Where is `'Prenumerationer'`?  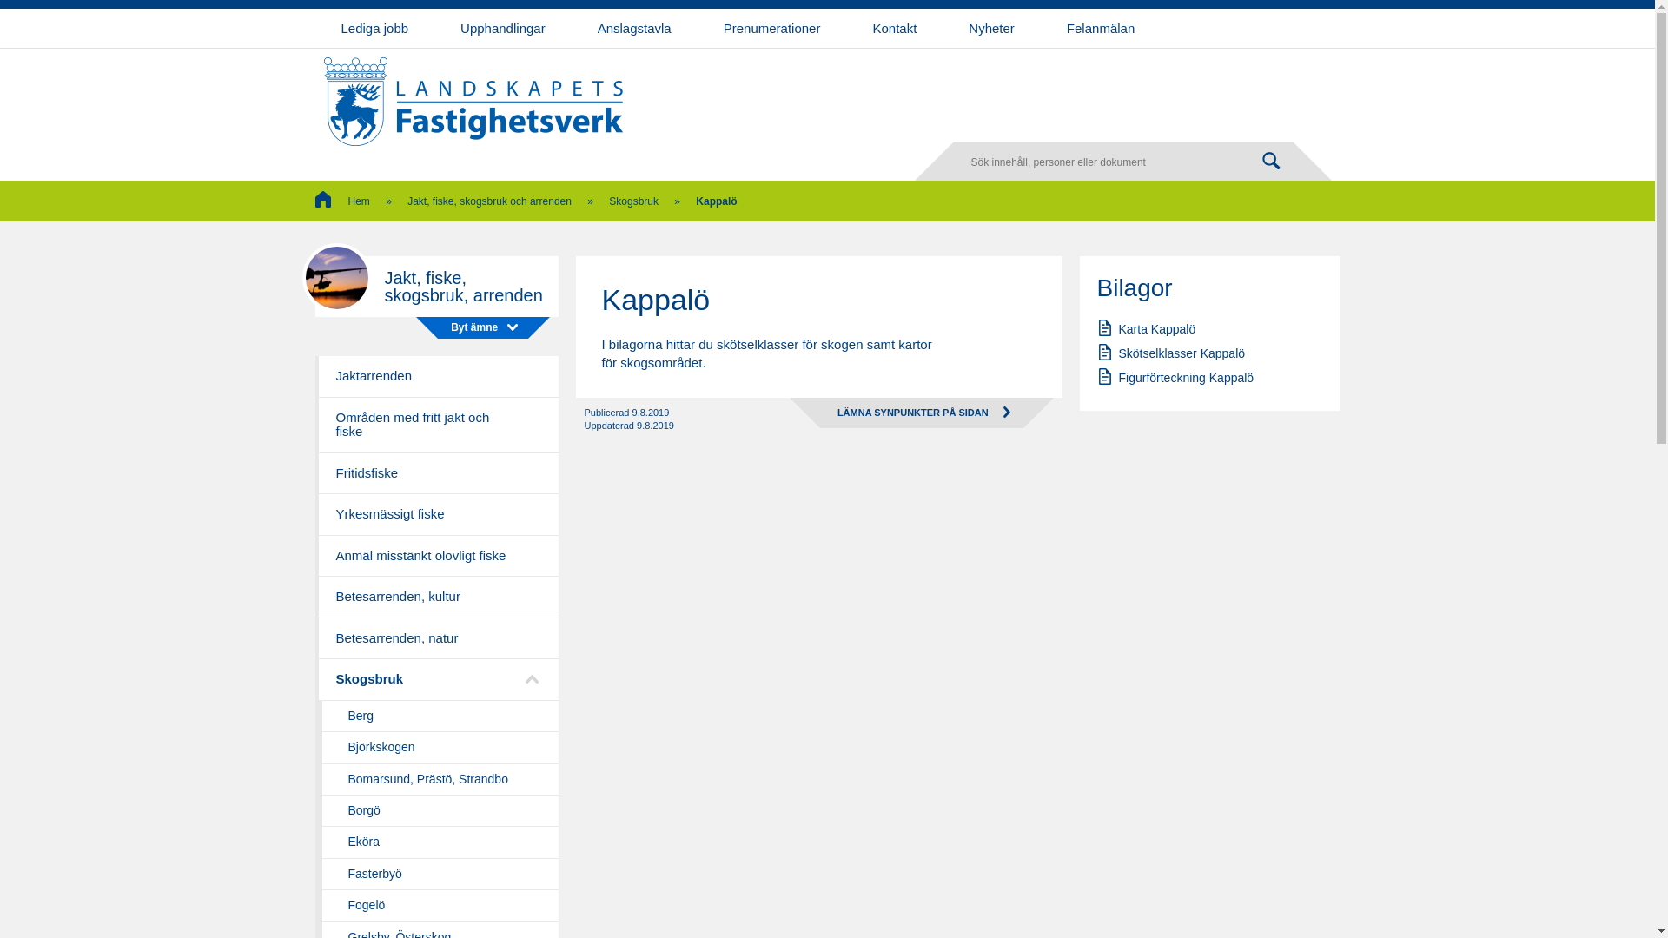
'Prenumerationer' is located at coordinates (771, 28).